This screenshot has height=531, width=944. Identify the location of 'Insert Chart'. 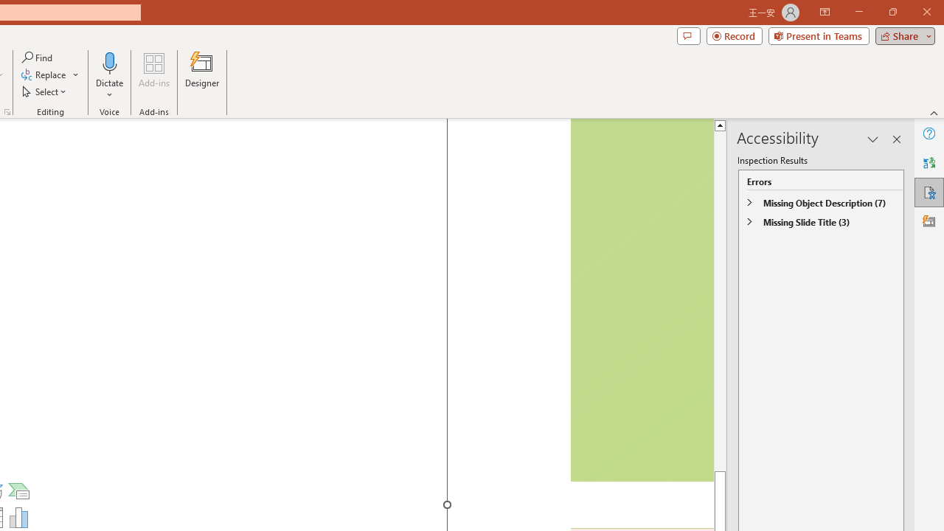
(19, 517).